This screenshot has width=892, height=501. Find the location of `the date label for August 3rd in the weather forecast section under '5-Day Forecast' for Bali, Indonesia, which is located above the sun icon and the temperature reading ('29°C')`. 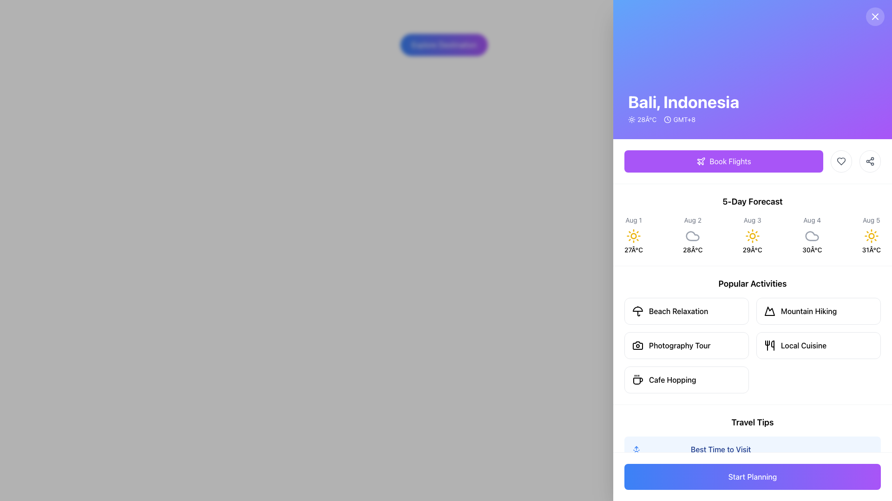

the date label for August 3rd in the weather forecast section under '5-Day Forecast' for Bali, Indonesia, which is located above the sun icon and the temperature reading ('29°C') is located at coordinates (752, 220).